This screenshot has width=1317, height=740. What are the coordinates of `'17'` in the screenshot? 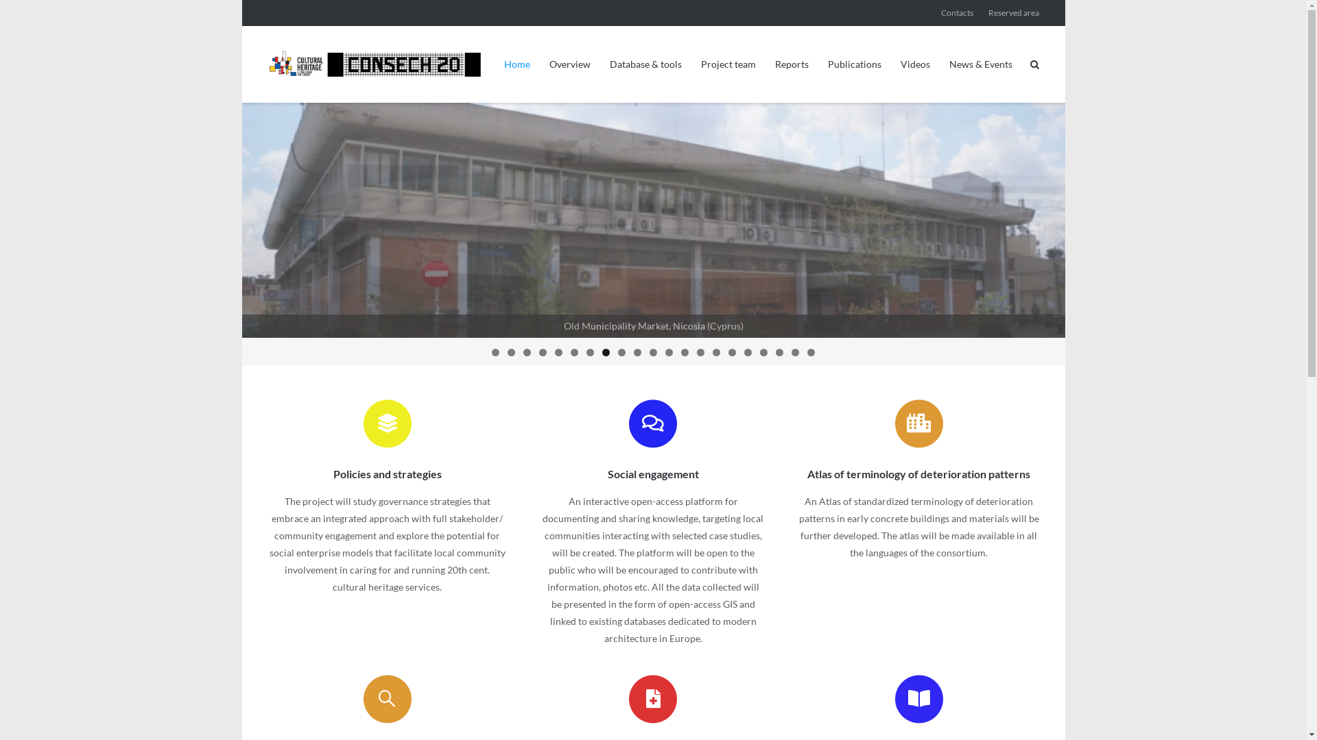 It's located at (747, 351).